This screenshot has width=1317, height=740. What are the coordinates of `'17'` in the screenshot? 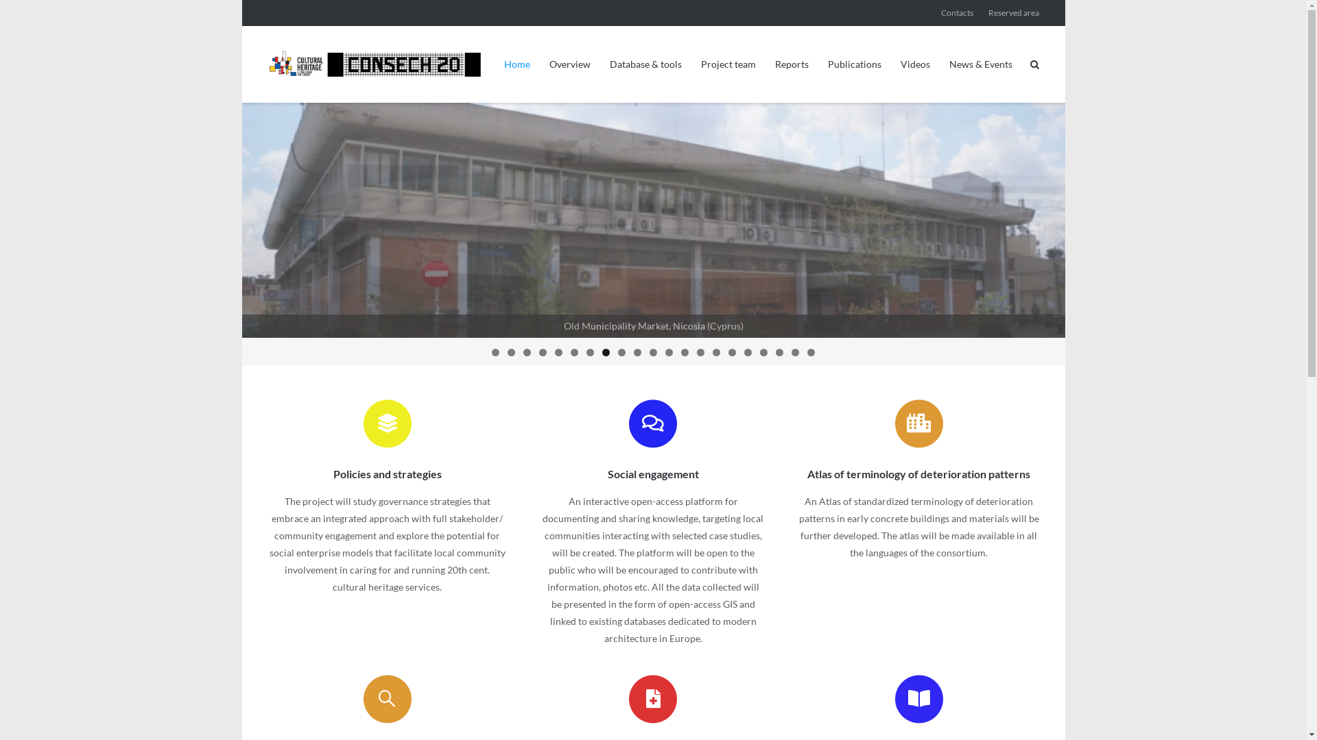 It's located at (747, 351).